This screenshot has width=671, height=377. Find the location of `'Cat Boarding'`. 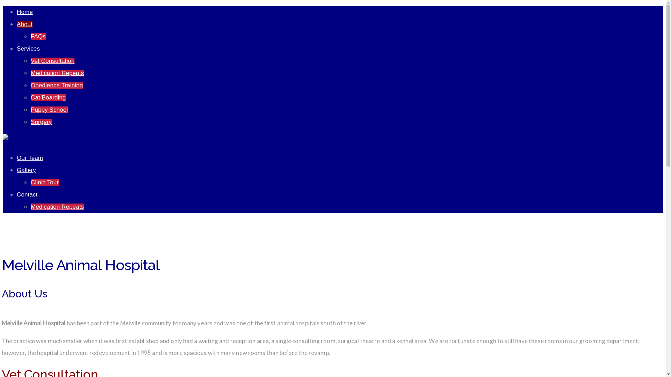

'Cat Boarding' is located at coordinates (48, 97).